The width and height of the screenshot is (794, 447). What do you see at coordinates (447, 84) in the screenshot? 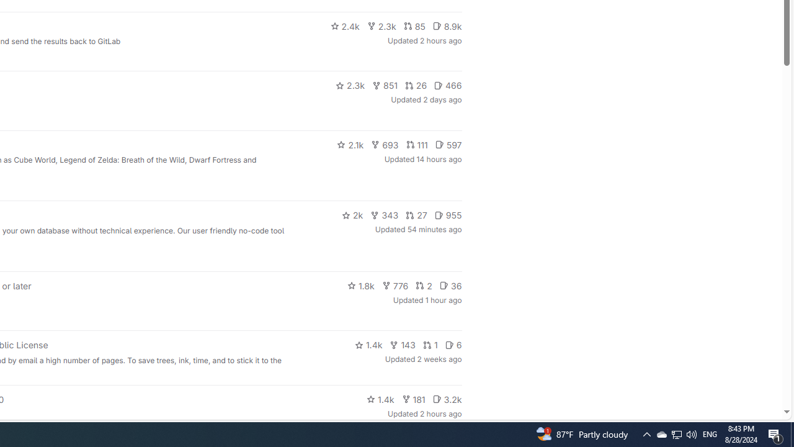
I see `'466'` at bounding box center [447, 84].